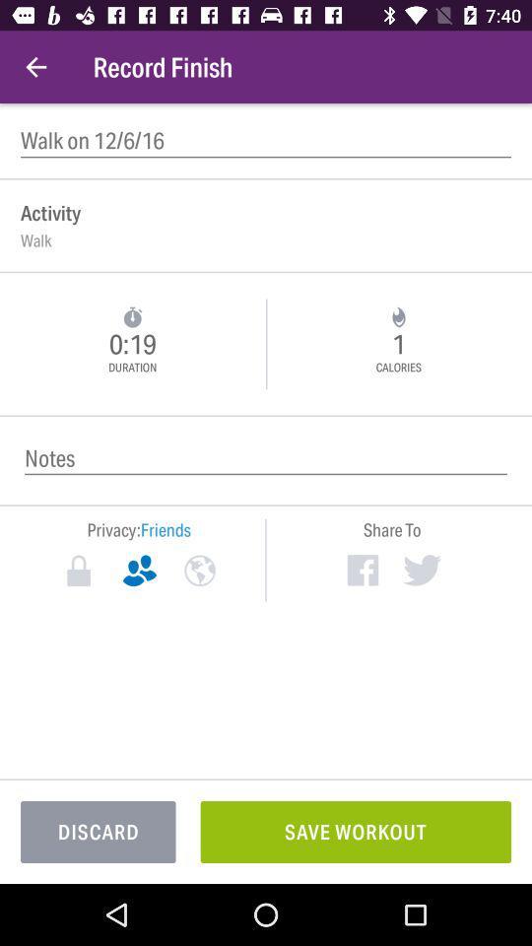 This screenshot has height=946, width=532. What do you see at coordinates (355, 831) in the screenshot?
I see `the icon to the right of the discard` at bounding box center [355, 831].